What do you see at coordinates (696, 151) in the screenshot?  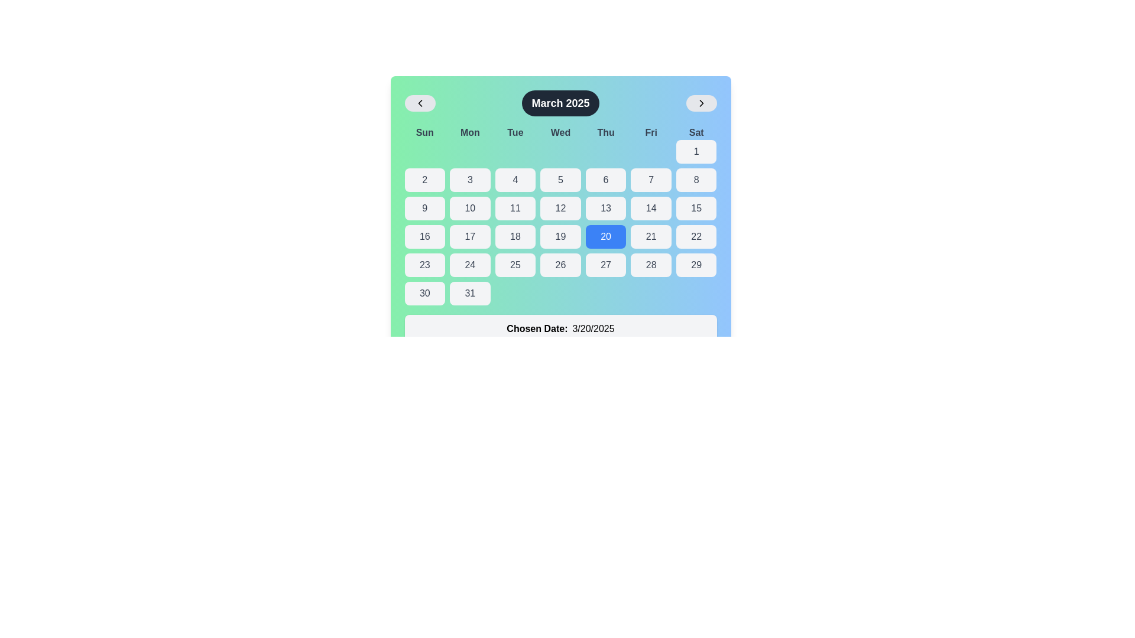 I see `the button representing the first day of a month in the calendar view, located under the 'Sat' column header` at bounding box center [696, 151].